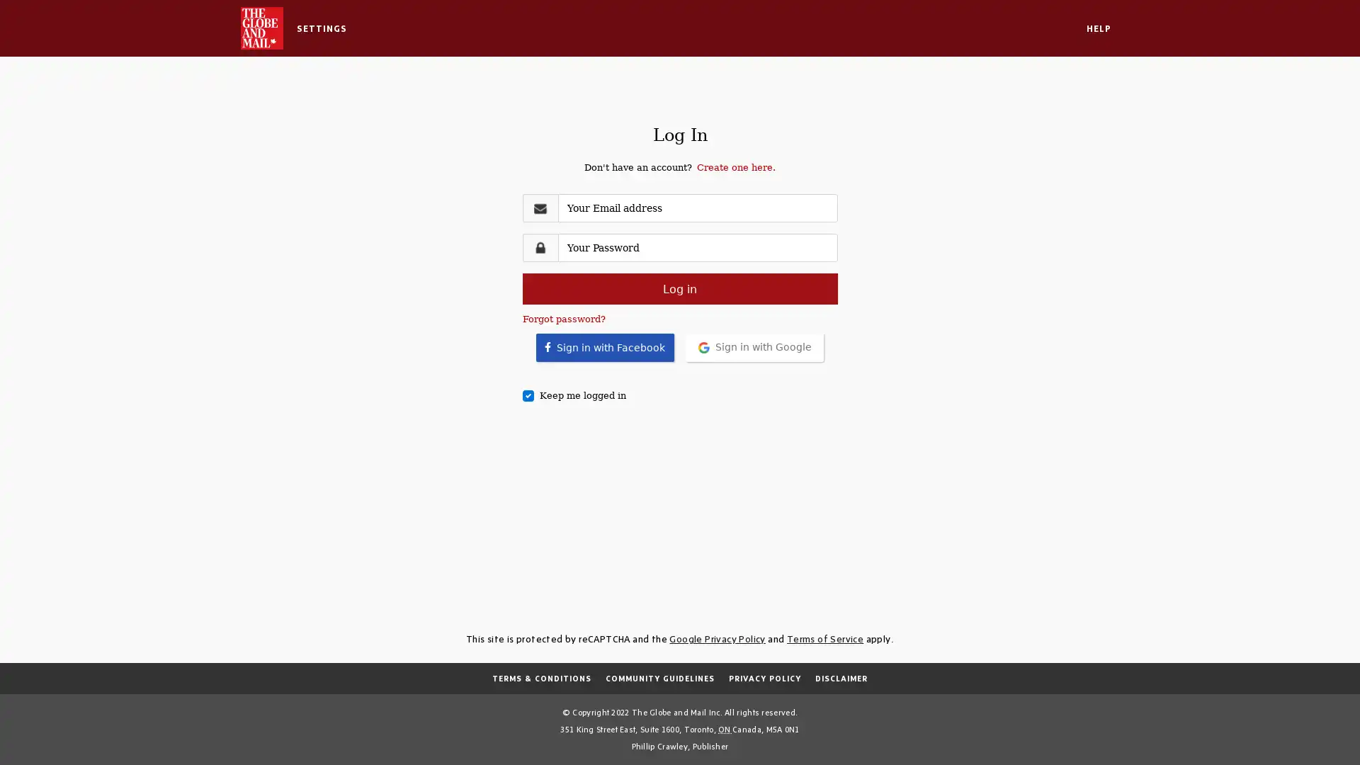  What do you see at coordinates (754, 347) in the screenshot?
I see `Sign in with Google` at bounding box center [754, 347].